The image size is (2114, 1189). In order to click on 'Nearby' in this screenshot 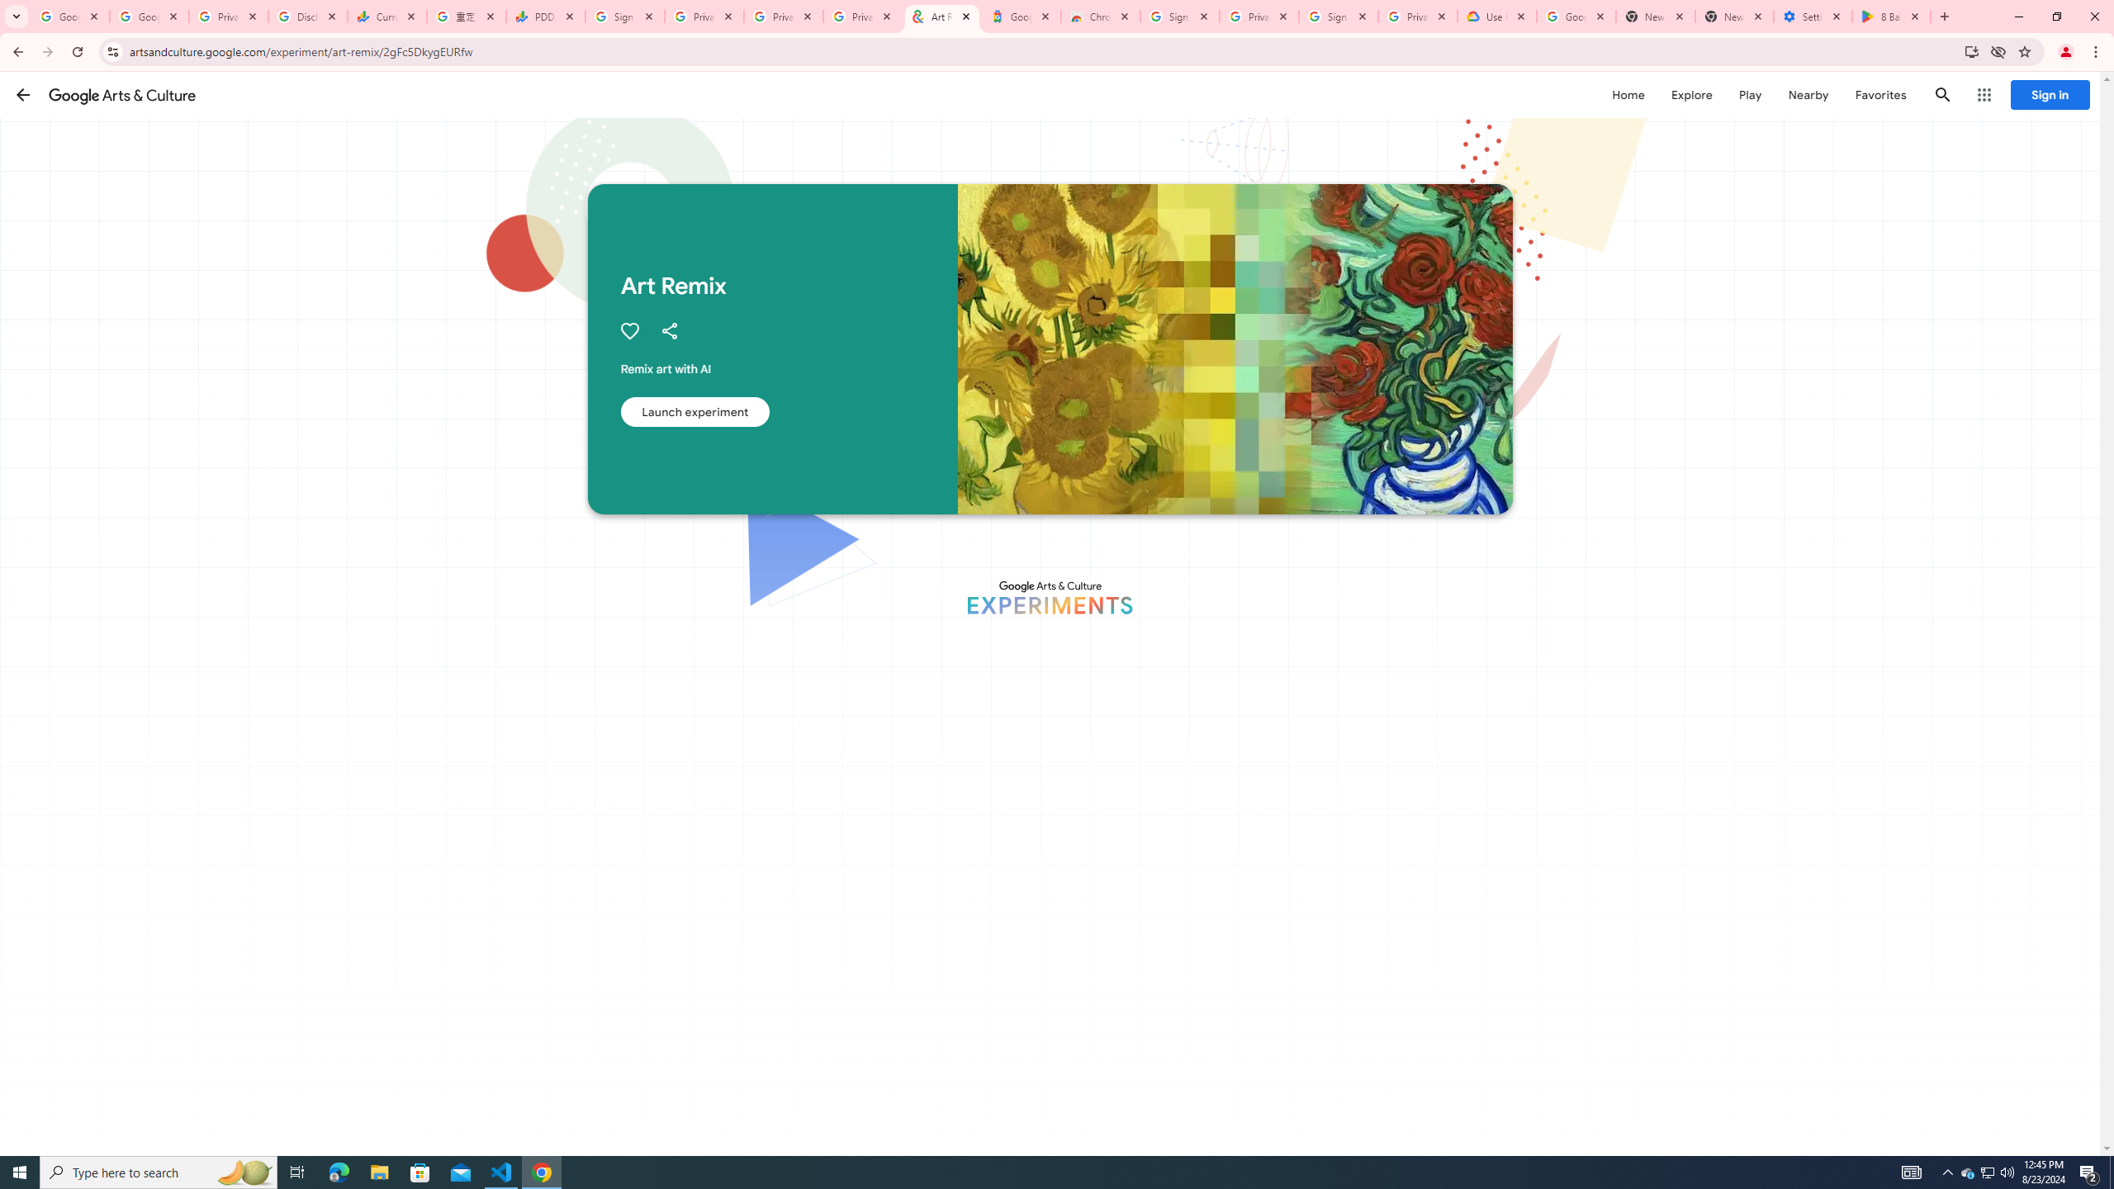, I will do `click(1807, 94)`.